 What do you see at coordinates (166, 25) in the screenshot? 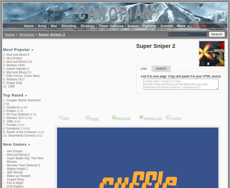
I see `'Zombie'` at bounding box center [166, 25].